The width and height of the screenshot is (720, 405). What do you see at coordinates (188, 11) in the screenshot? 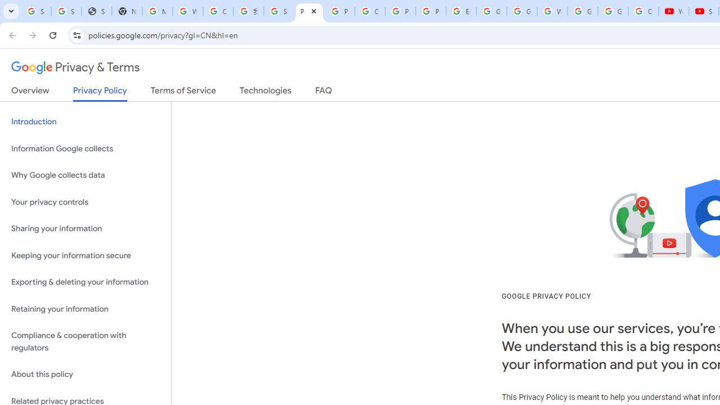
I see `'Who is my administrator? - Google Account Help'` at bounding box center [188, 11].